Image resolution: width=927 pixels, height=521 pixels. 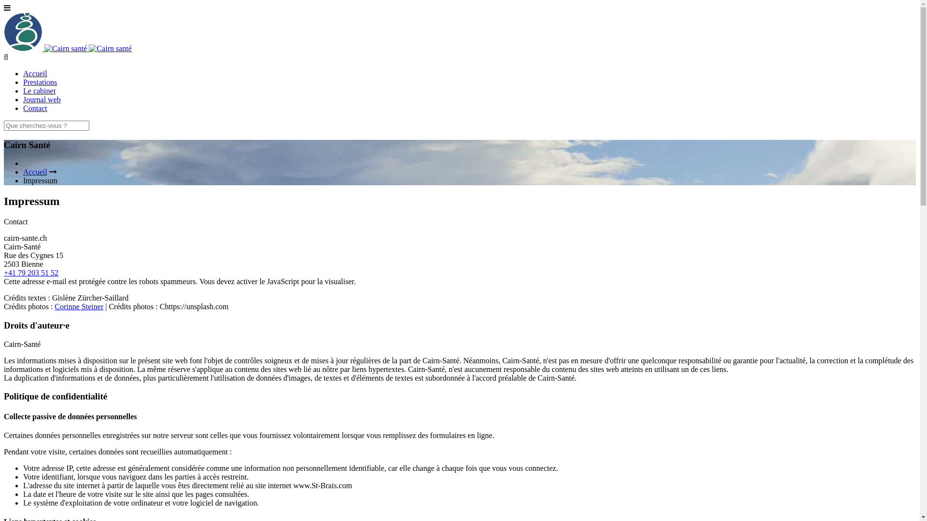 I want to click on 'Accueil', so click(x=35, y=171).